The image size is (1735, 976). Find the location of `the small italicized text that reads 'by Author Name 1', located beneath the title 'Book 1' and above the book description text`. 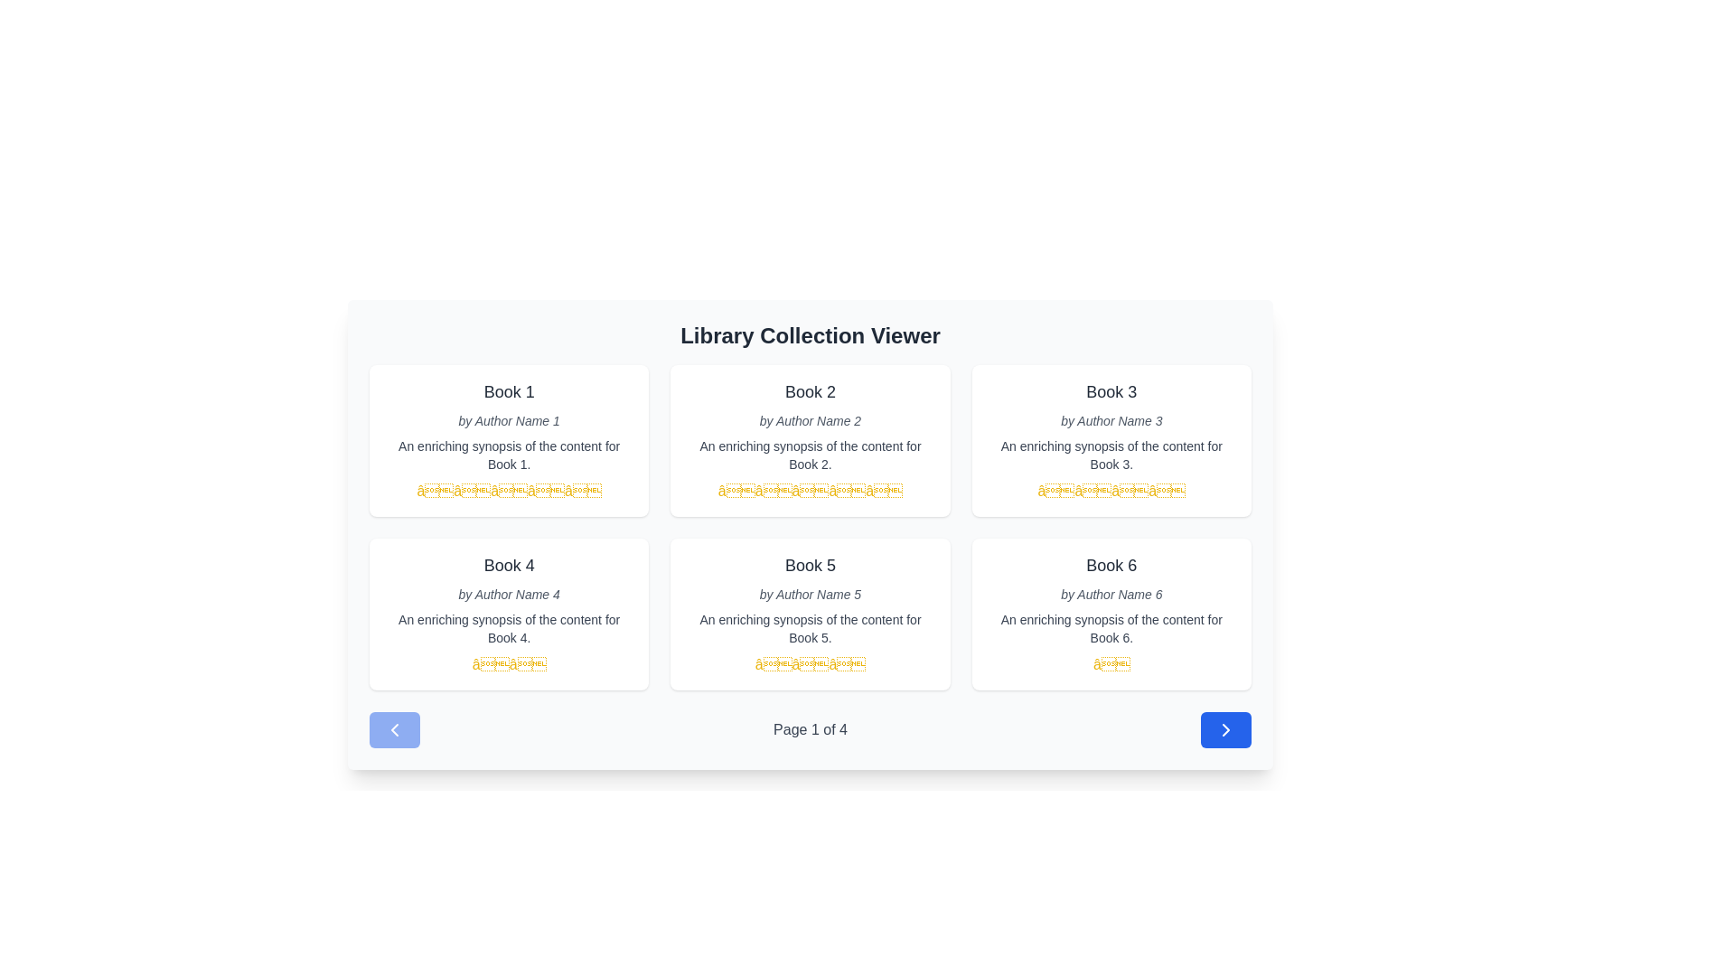

the small italicized text that reads 'by Author Name 1', located beneath the title 'Book 1' and above the book description text is located at coordinates (508, 421).